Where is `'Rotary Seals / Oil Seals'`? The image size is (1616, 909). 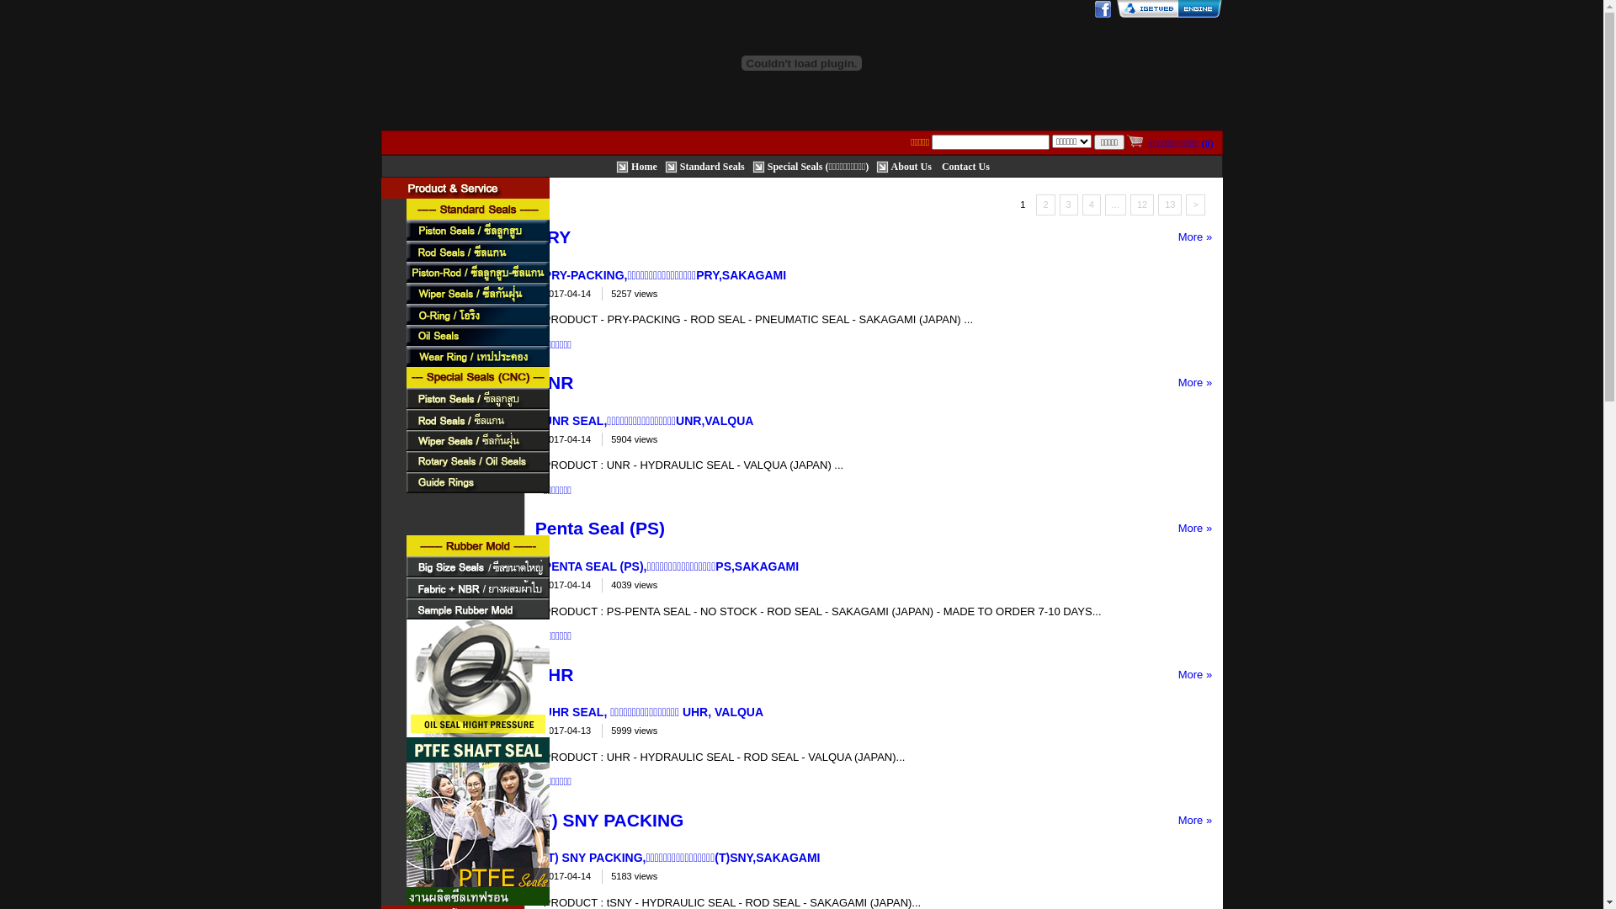 'Rotary Seals / Oil Seals' is located at coordinates (476, 461).